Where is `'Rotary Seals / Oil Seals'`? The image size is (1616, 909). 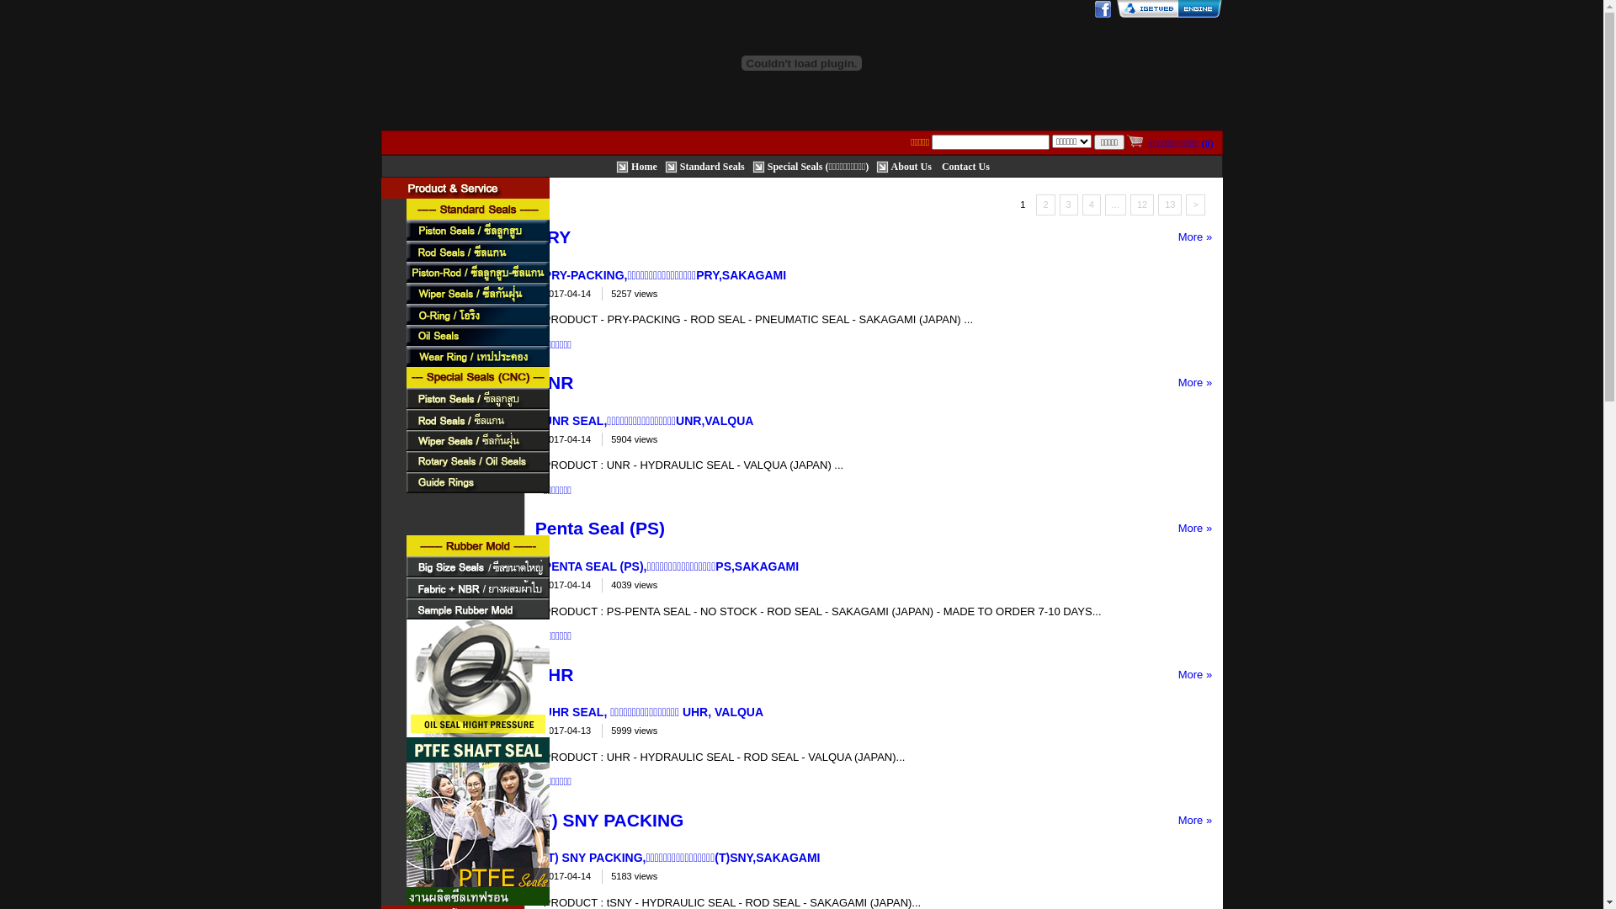 'Rotary Seals / Oil Seals' is located at coordinates (476, 461).